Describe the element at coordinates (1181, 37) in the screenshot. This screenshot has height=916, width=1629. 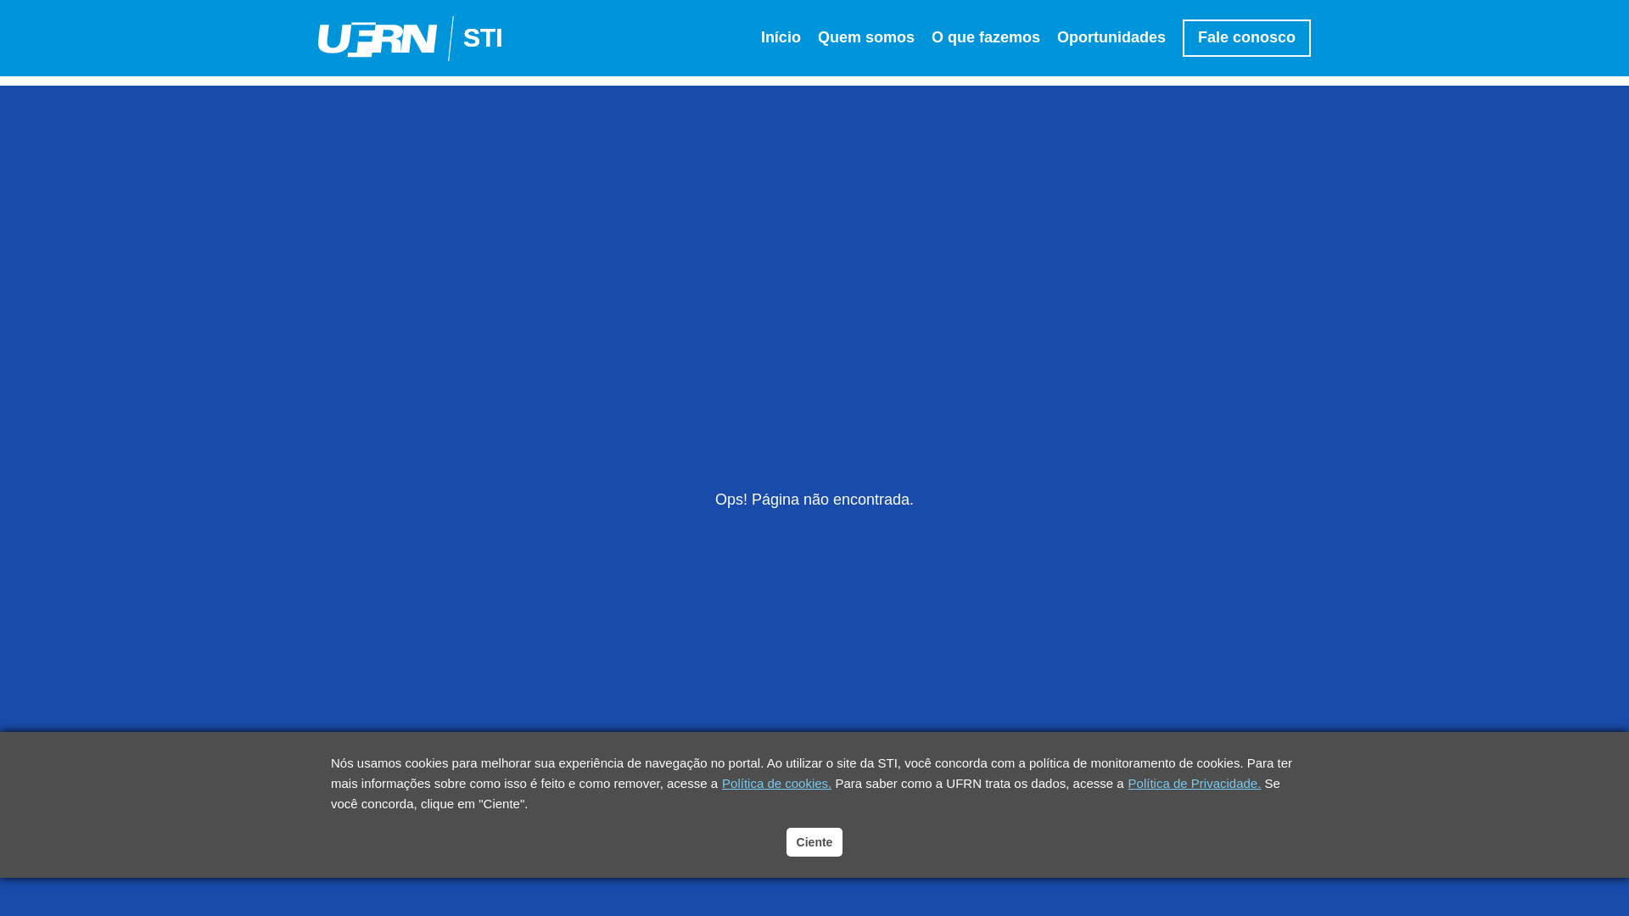
I see `'Fale conosco'` at that location.